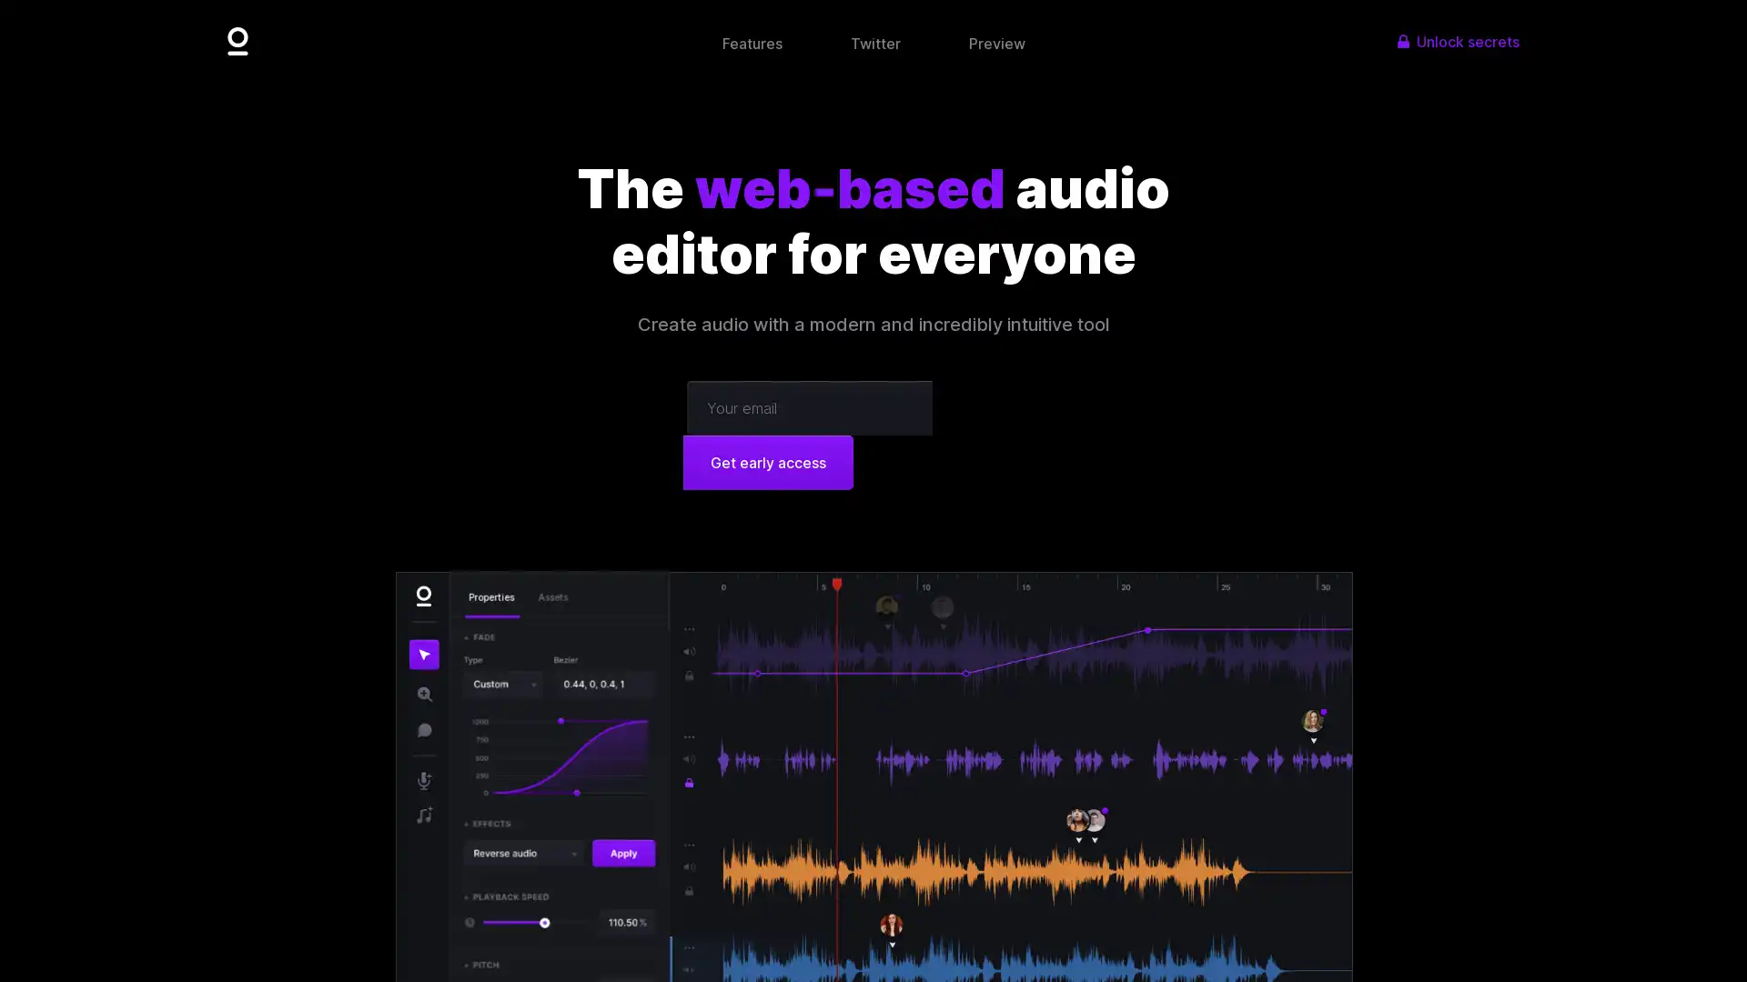 The height and width of the screenshot is (982, 1747). I want to click on Get early access, so click(995, 406).